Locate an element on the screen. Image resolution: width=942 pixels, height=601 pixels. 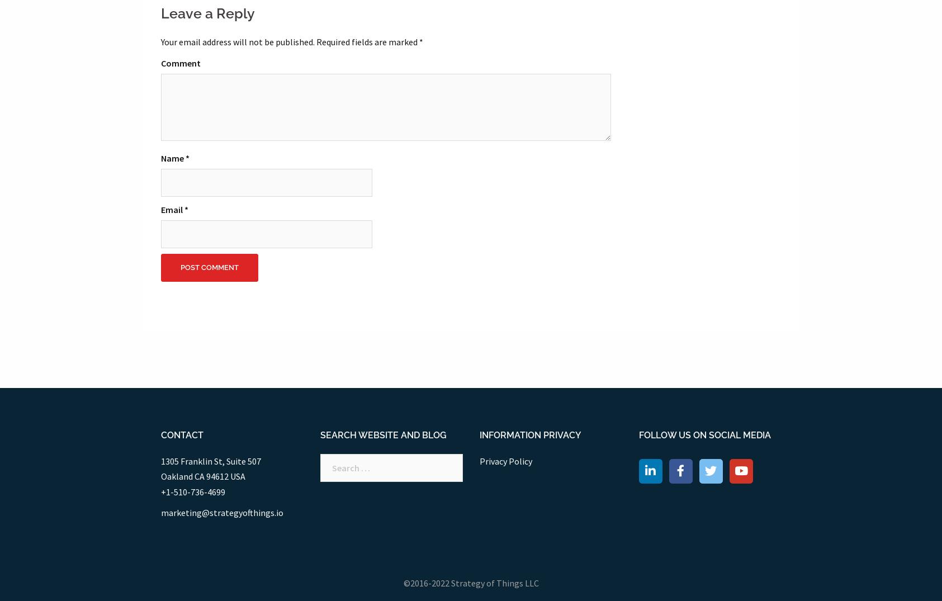
'Required fields are marked' is located at coordinates (366, 42).